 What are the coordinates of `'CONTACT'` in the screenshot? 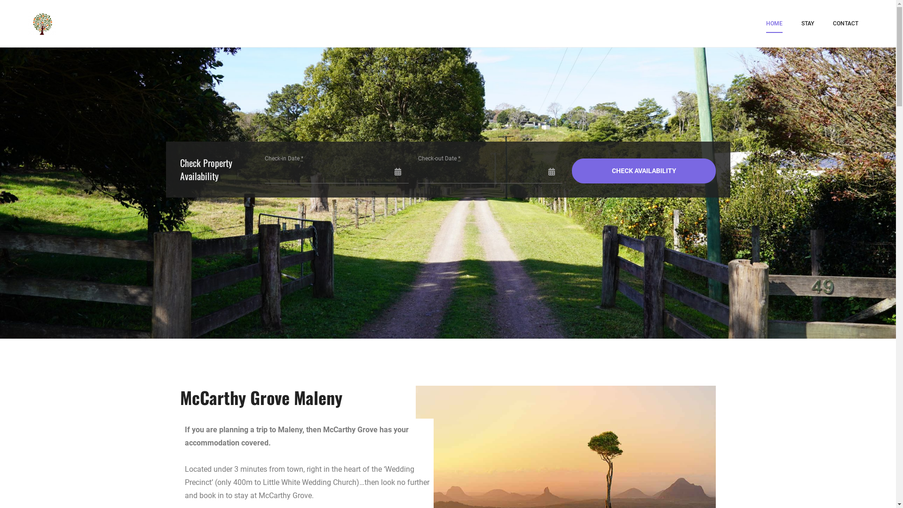 It's located at (846, 23).